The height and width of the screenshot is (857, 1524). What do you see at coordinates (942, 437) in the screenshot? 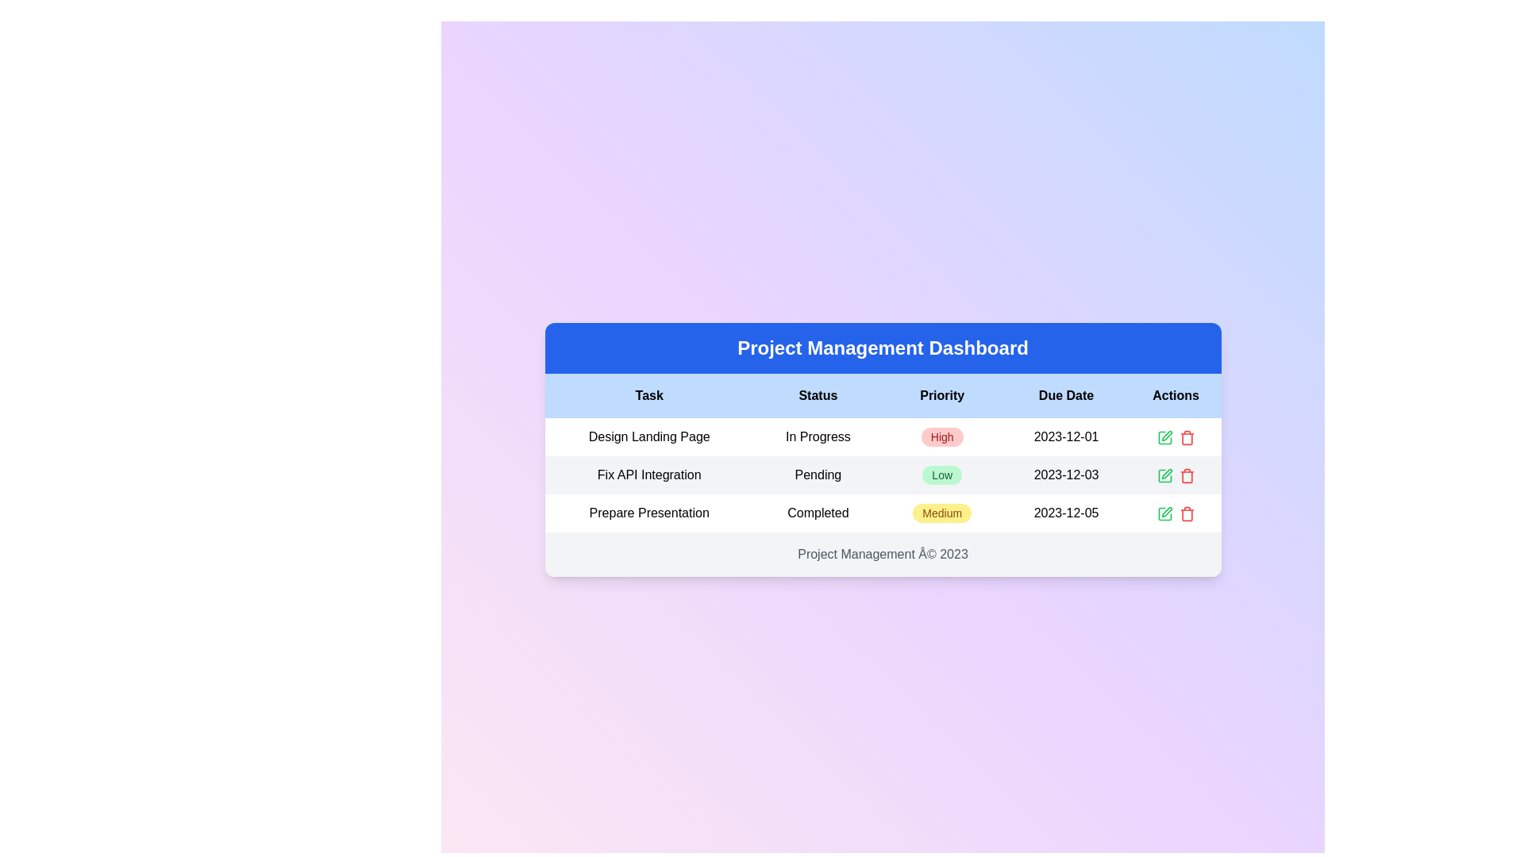
I see `the pill-shaped badge labeled 'High' with a light red background located in the 'Priority' column of the first row in the project management dashboard, adjacent to the 'Status' column entry` at bounding box center [942, 437].